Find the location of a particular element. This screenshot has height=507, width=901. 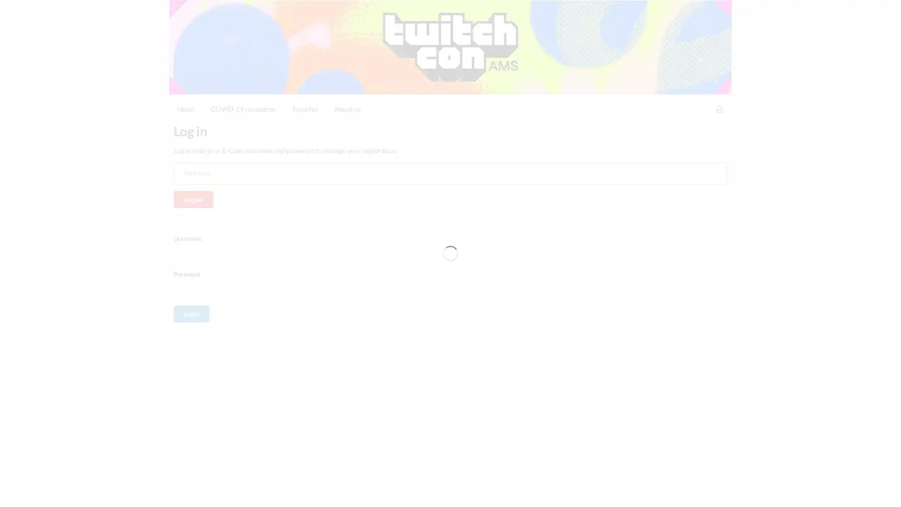

Customise Settings is located at coordinates (577, 492).